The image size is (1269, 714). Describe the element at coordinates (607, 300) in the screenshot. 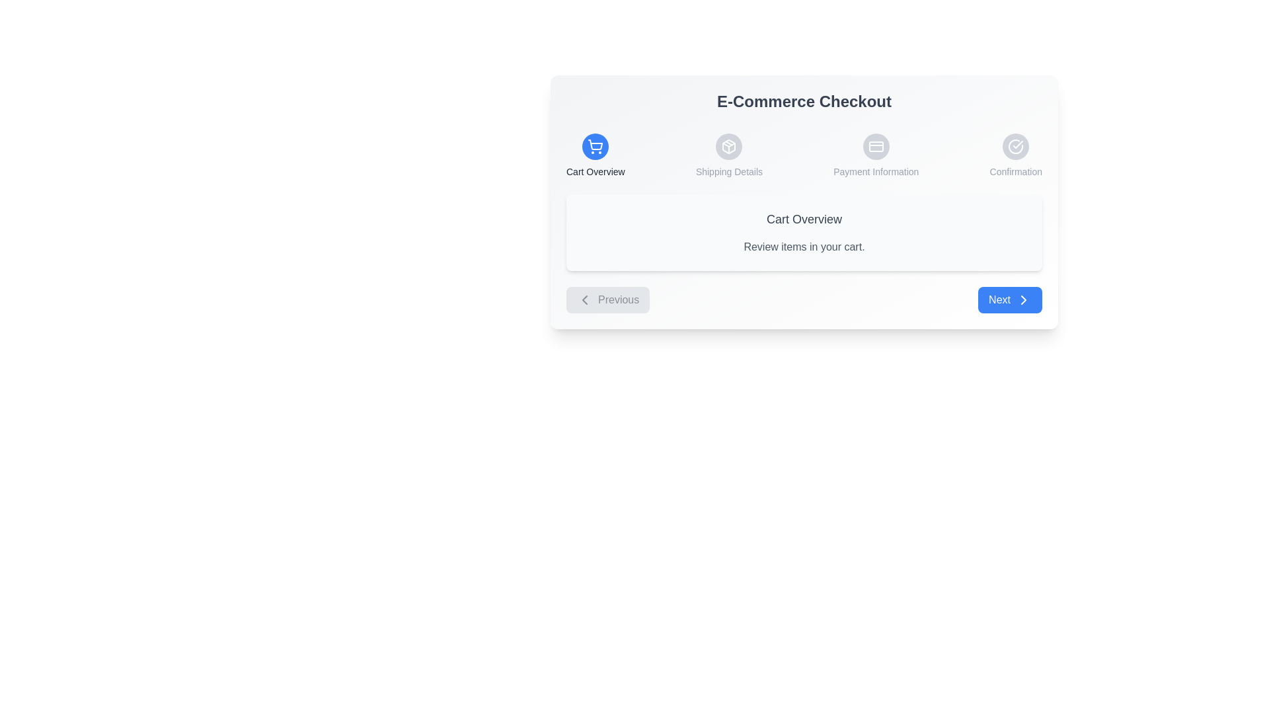

I see `the disabled 'Previous' button located on the left side of the navigation control at the bottom of the 'E-Commerce Checkout' card section` at that location.